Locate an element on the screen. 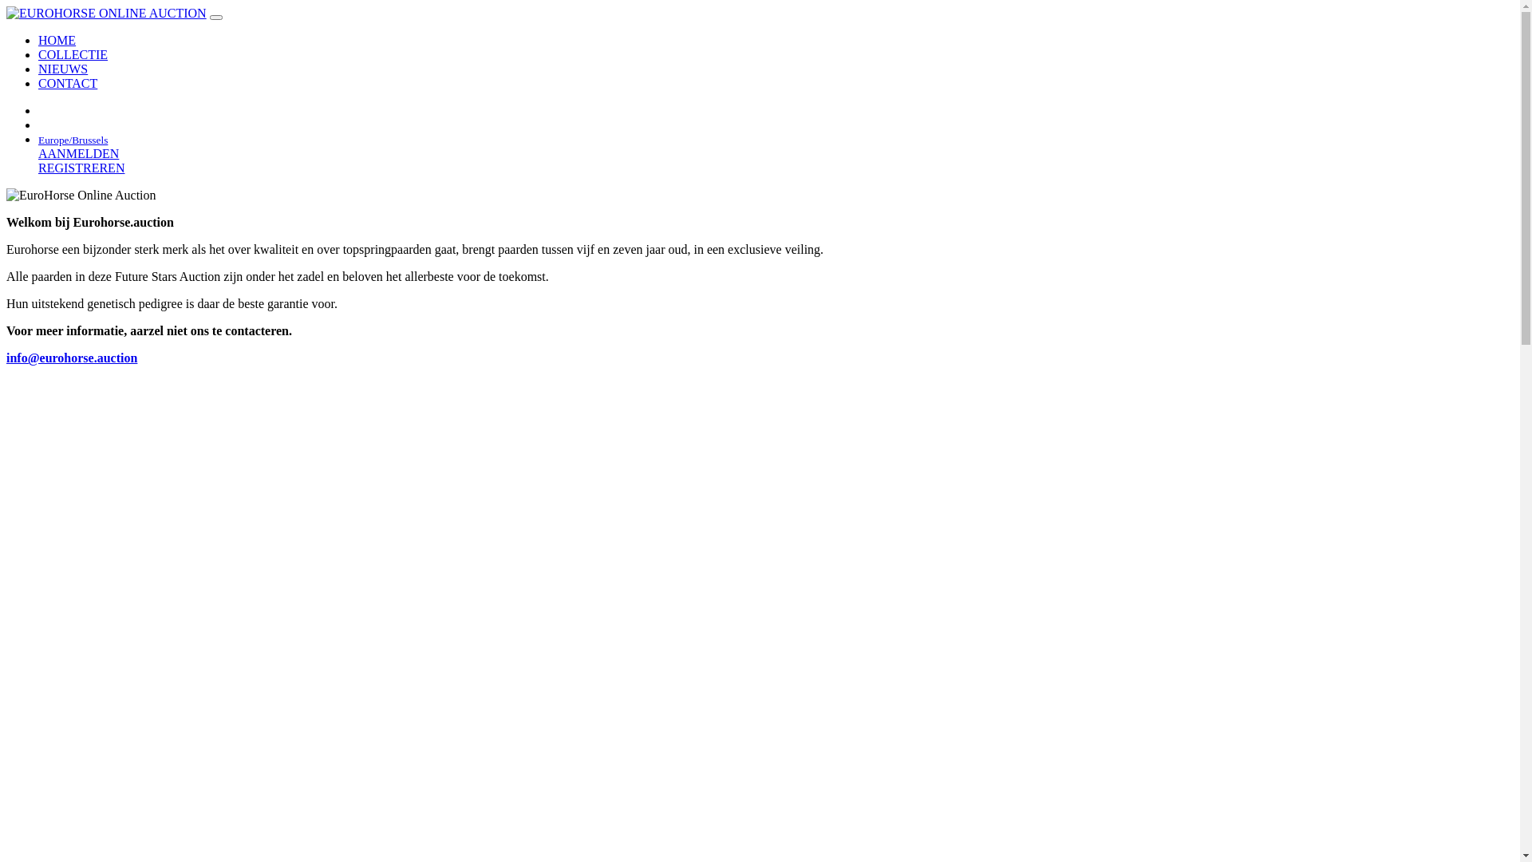 The height and width of the screenshot is (862, 1532). 'REGISTREREN' is located at coordinates (80, 168).